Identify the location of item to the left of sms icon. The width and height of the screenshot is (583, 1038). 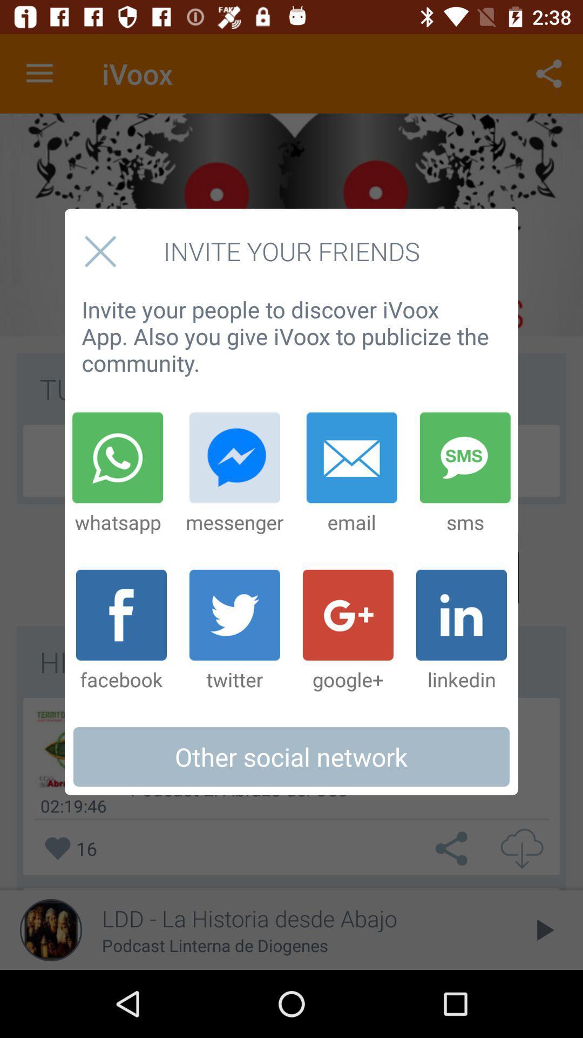
(351, 474).